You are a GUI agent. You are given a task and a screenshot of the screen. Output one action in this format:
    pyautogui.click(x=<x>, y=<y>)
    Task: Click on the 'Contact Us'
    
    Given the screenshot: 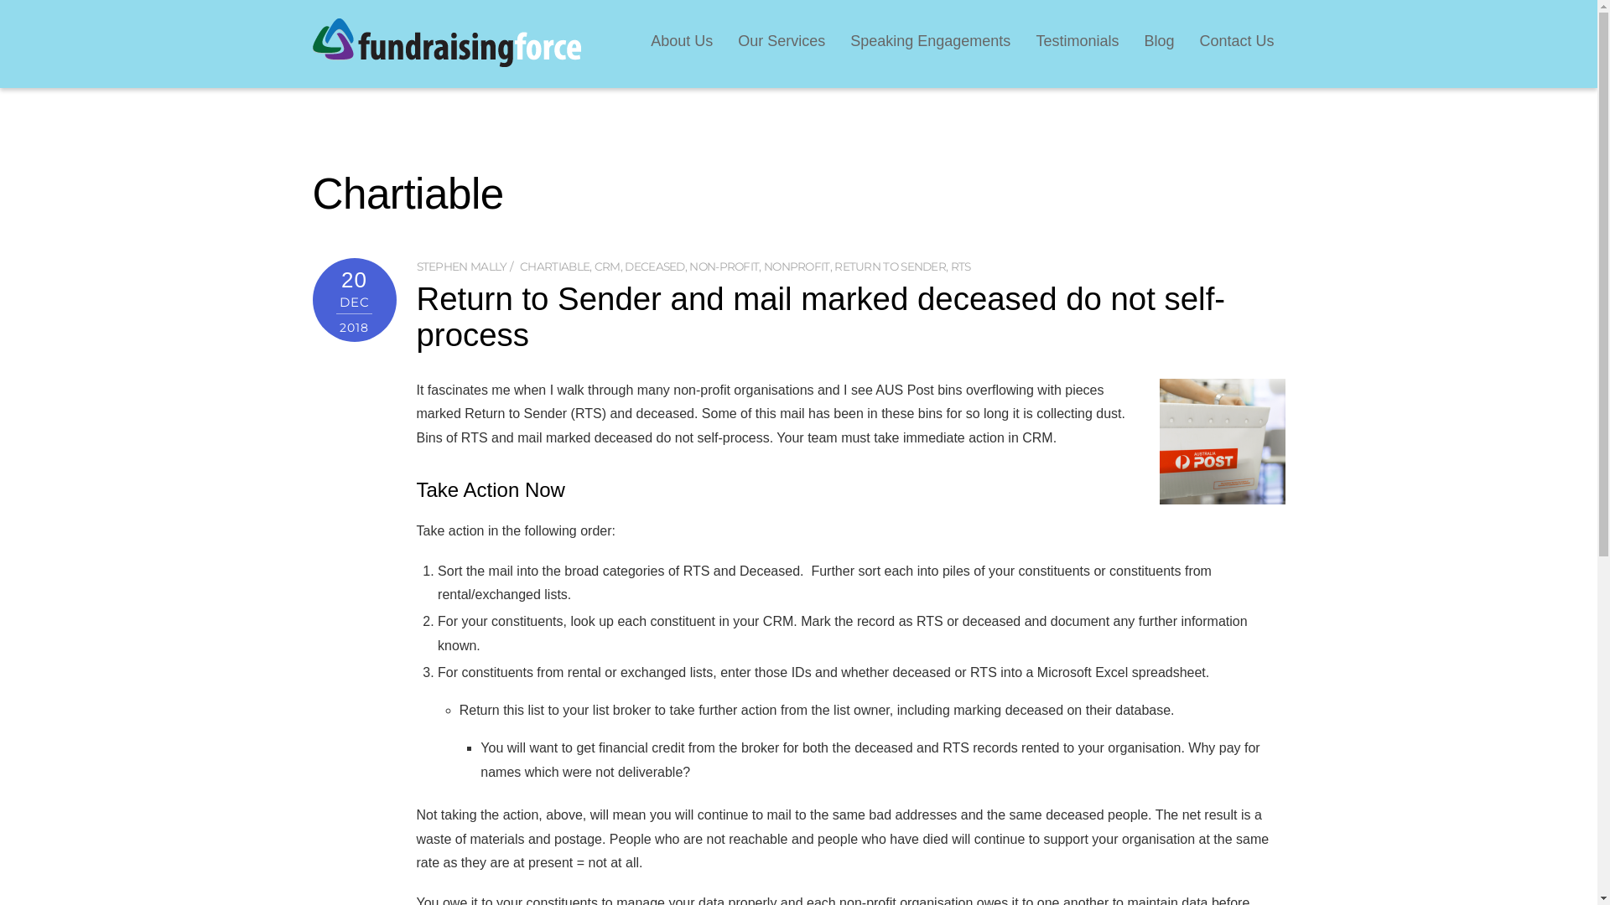 What is the action you would take?
    pyautogui.click(x=1236, y=38)
    